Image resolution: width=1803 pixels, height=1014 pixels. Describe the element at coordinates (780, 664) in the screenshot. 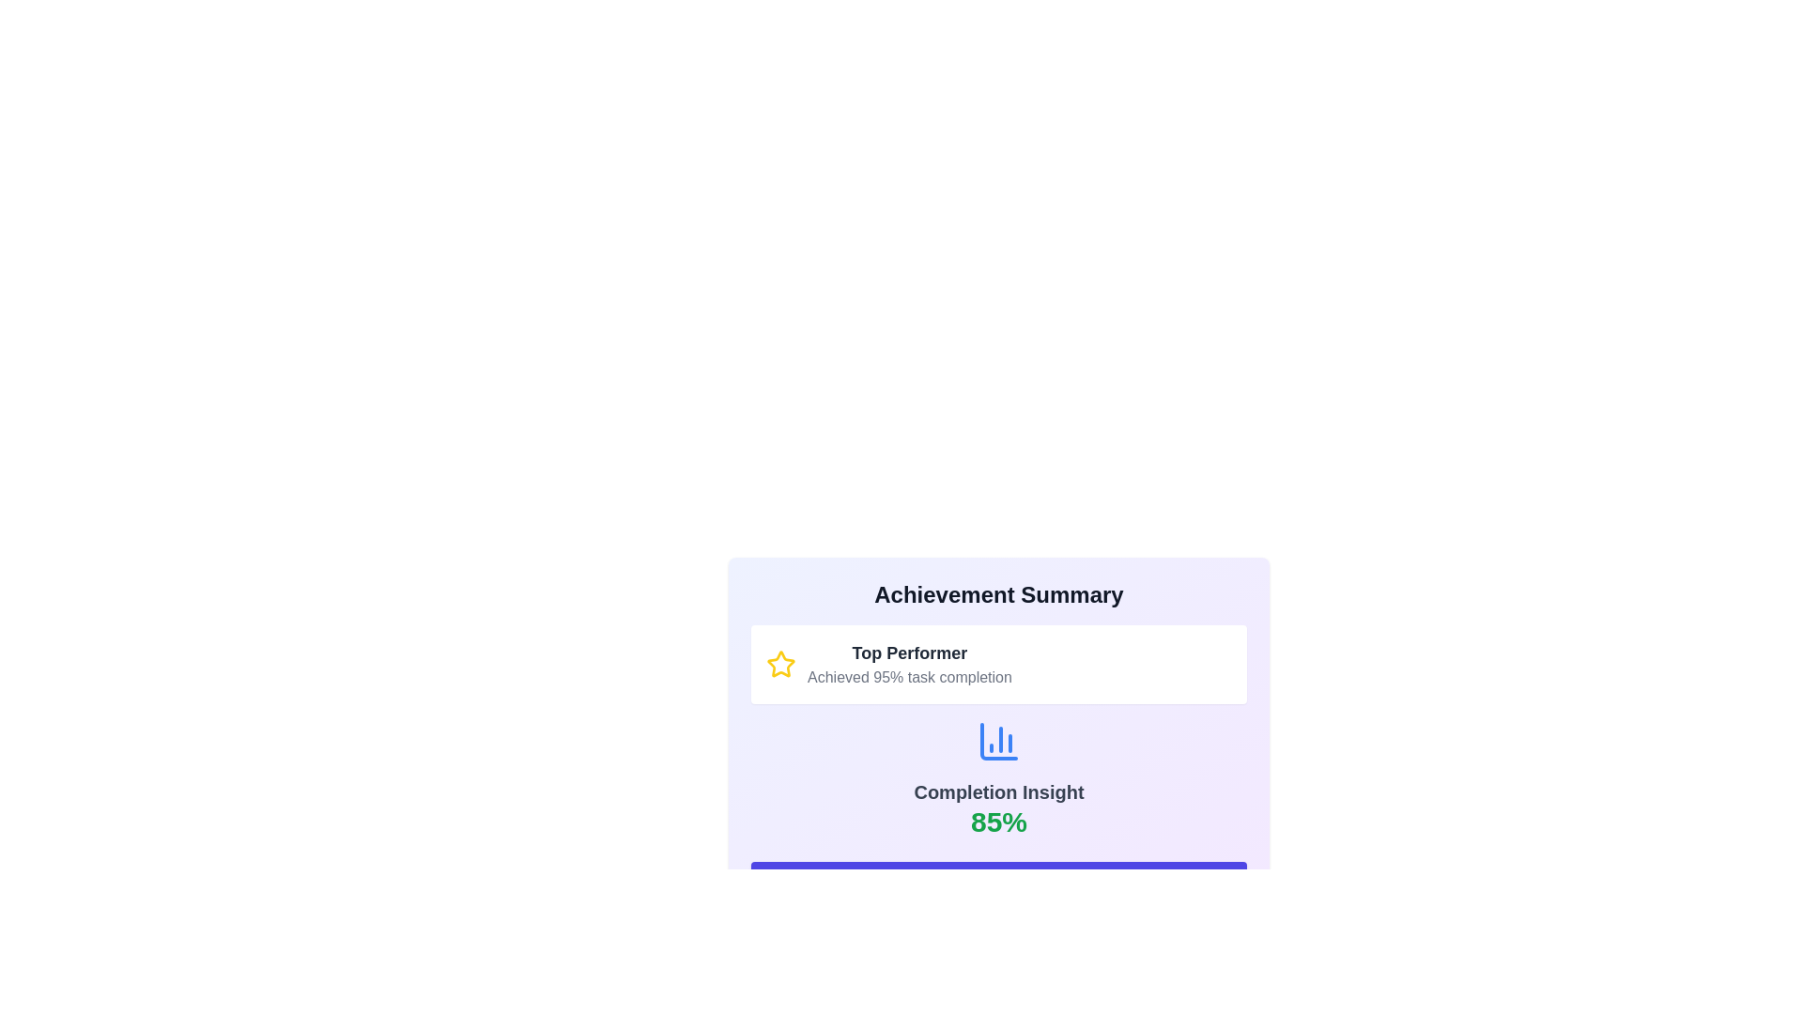

I see `the star icon, which represents a top performance rating, located to the left of the 'Top Performer' text` at that location.